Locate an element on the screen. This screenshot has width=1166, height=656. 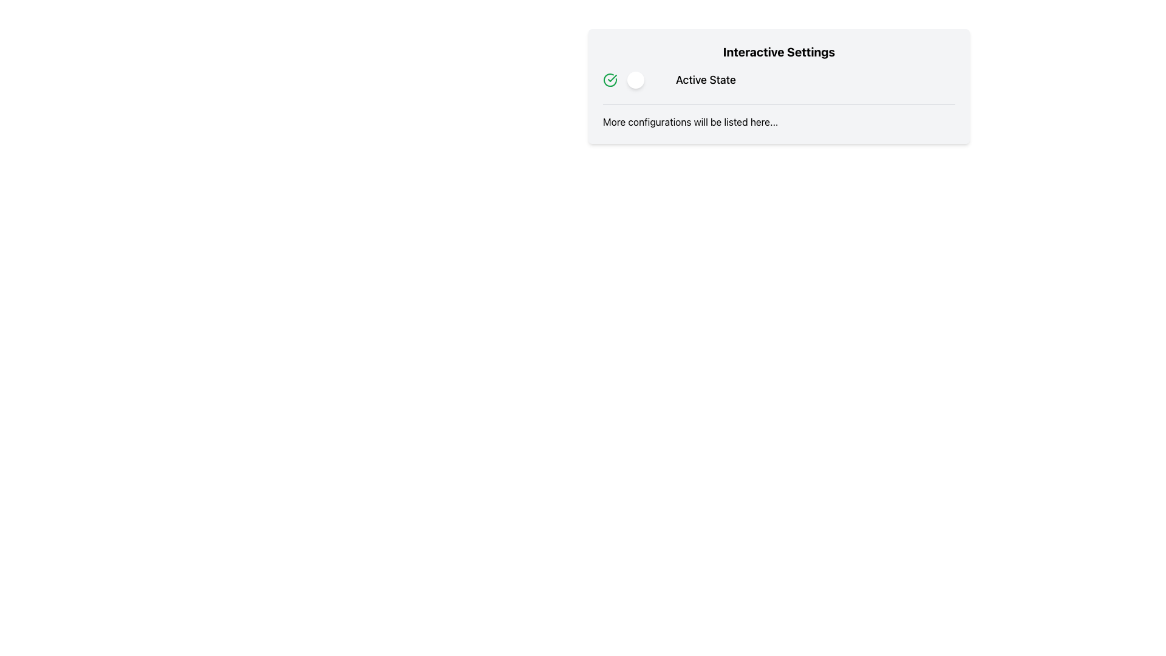
the 'Active State' text label, which is a medium-sized bold font label located to the right of a toggle switch and a green check icon within the 'Interactive Settings' section is located at coordinates (706, 80).